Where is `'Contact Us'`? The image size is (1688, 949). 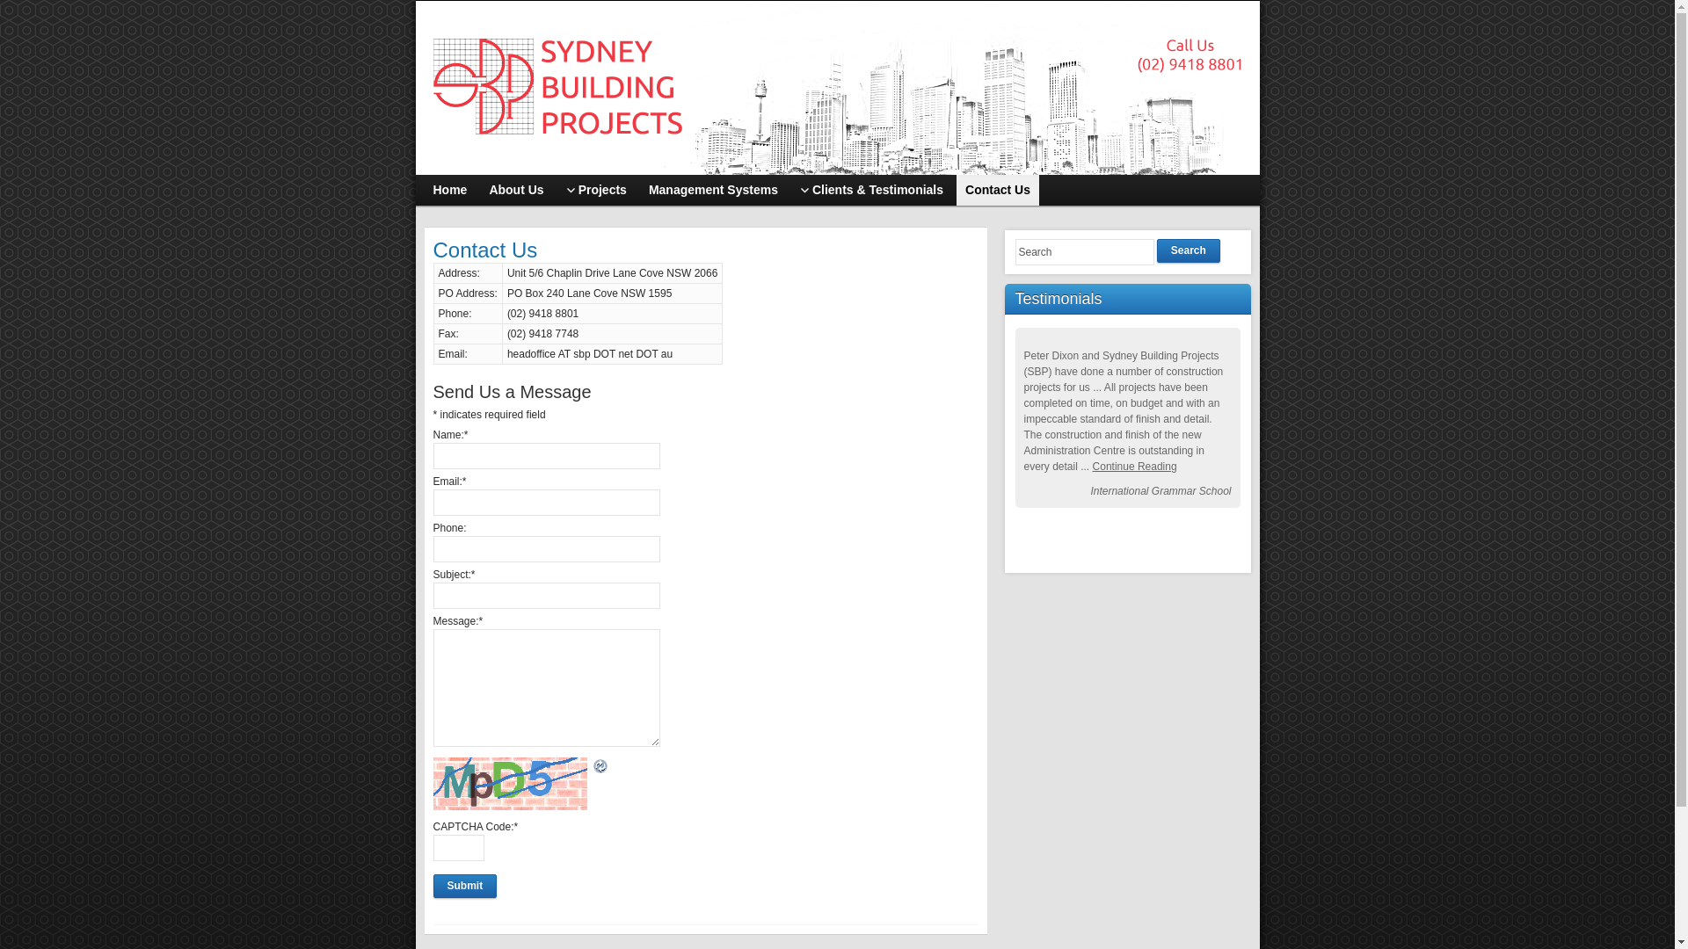
'Contact Us' is located at coordinates (997, 190).